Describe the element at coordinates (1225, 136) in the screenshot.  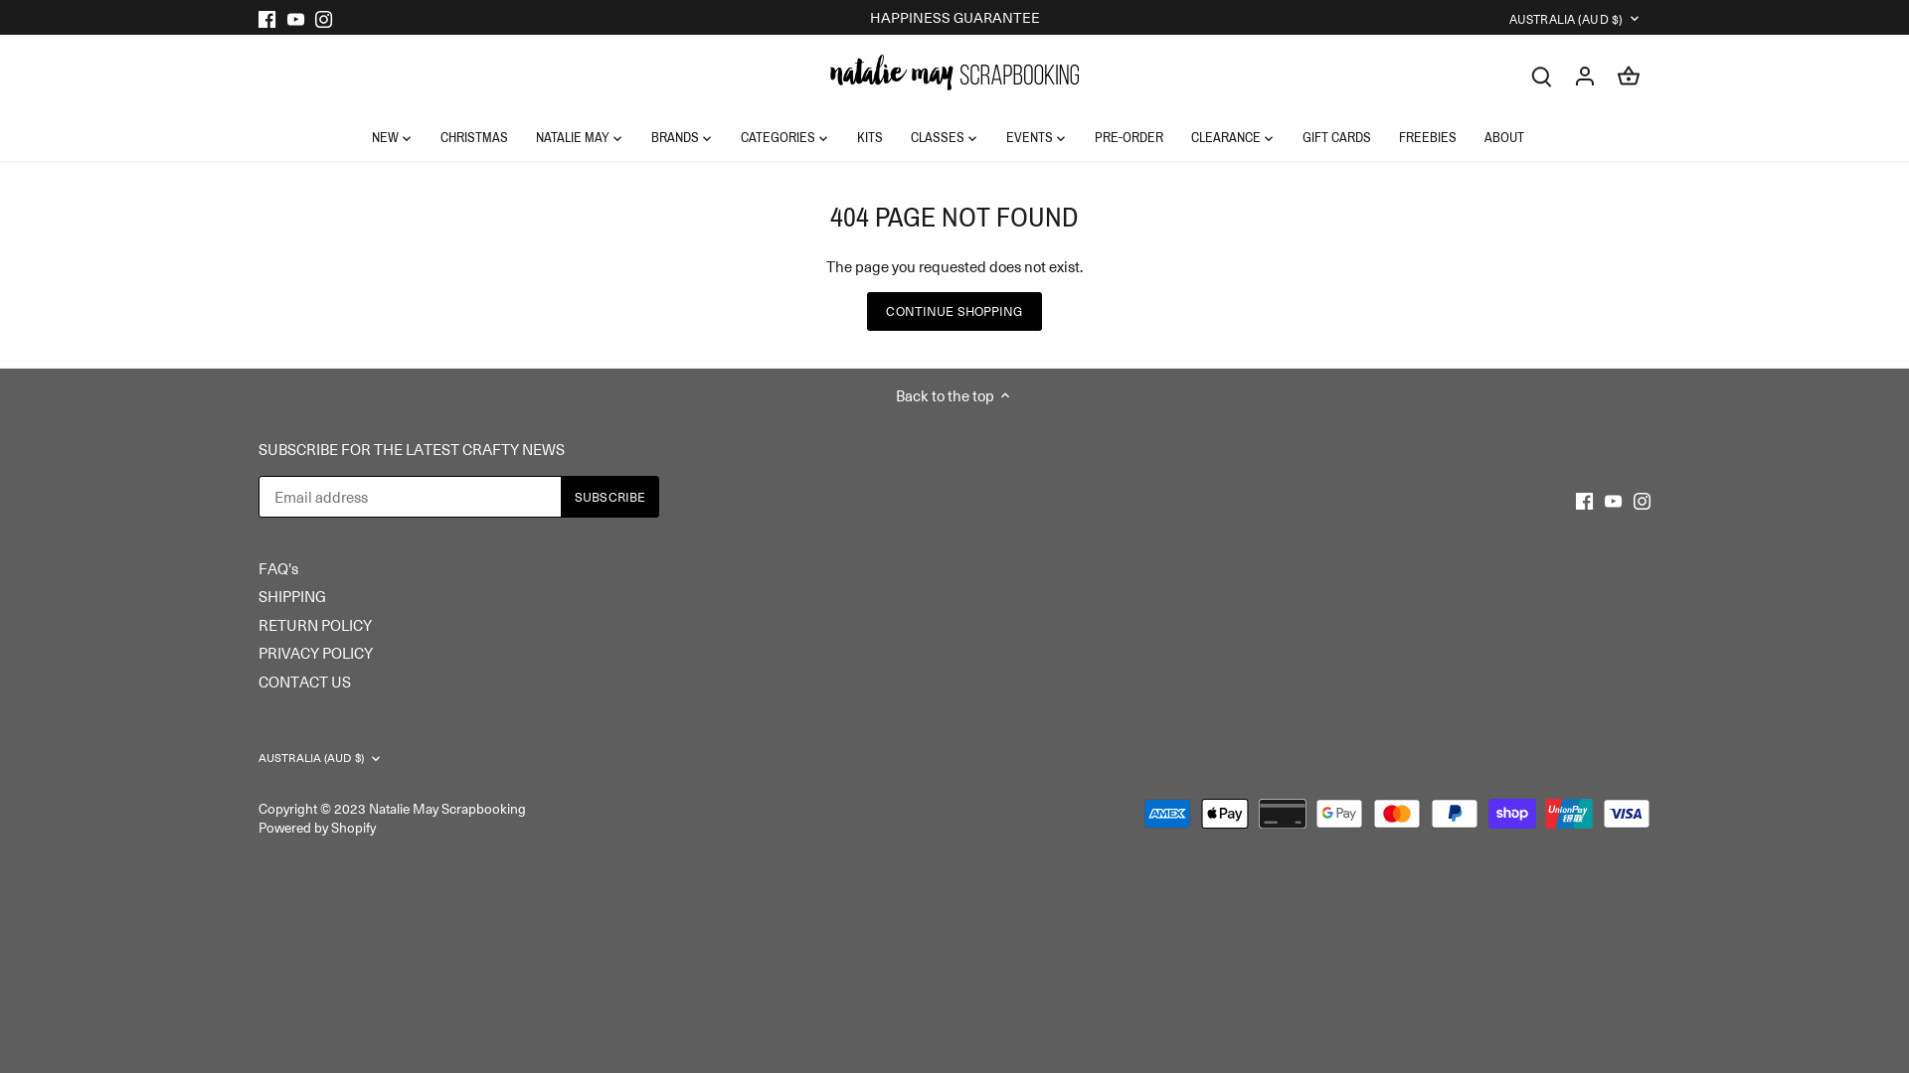
I see `'CLEARANCE'` at that location.